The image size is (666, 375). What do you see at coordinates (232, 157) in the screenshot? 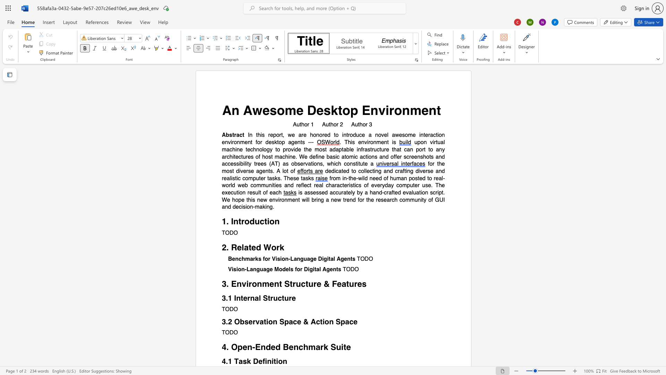
I see `the subset text "itecture" within the text "upon virtual machine technology to provide the most adaptable infrastructure that can port to any architectures of host machine. We define basic atomic actions and offer screenshots and accessibility trees (AT) as observations, which"` at bounding box center [232, 157].